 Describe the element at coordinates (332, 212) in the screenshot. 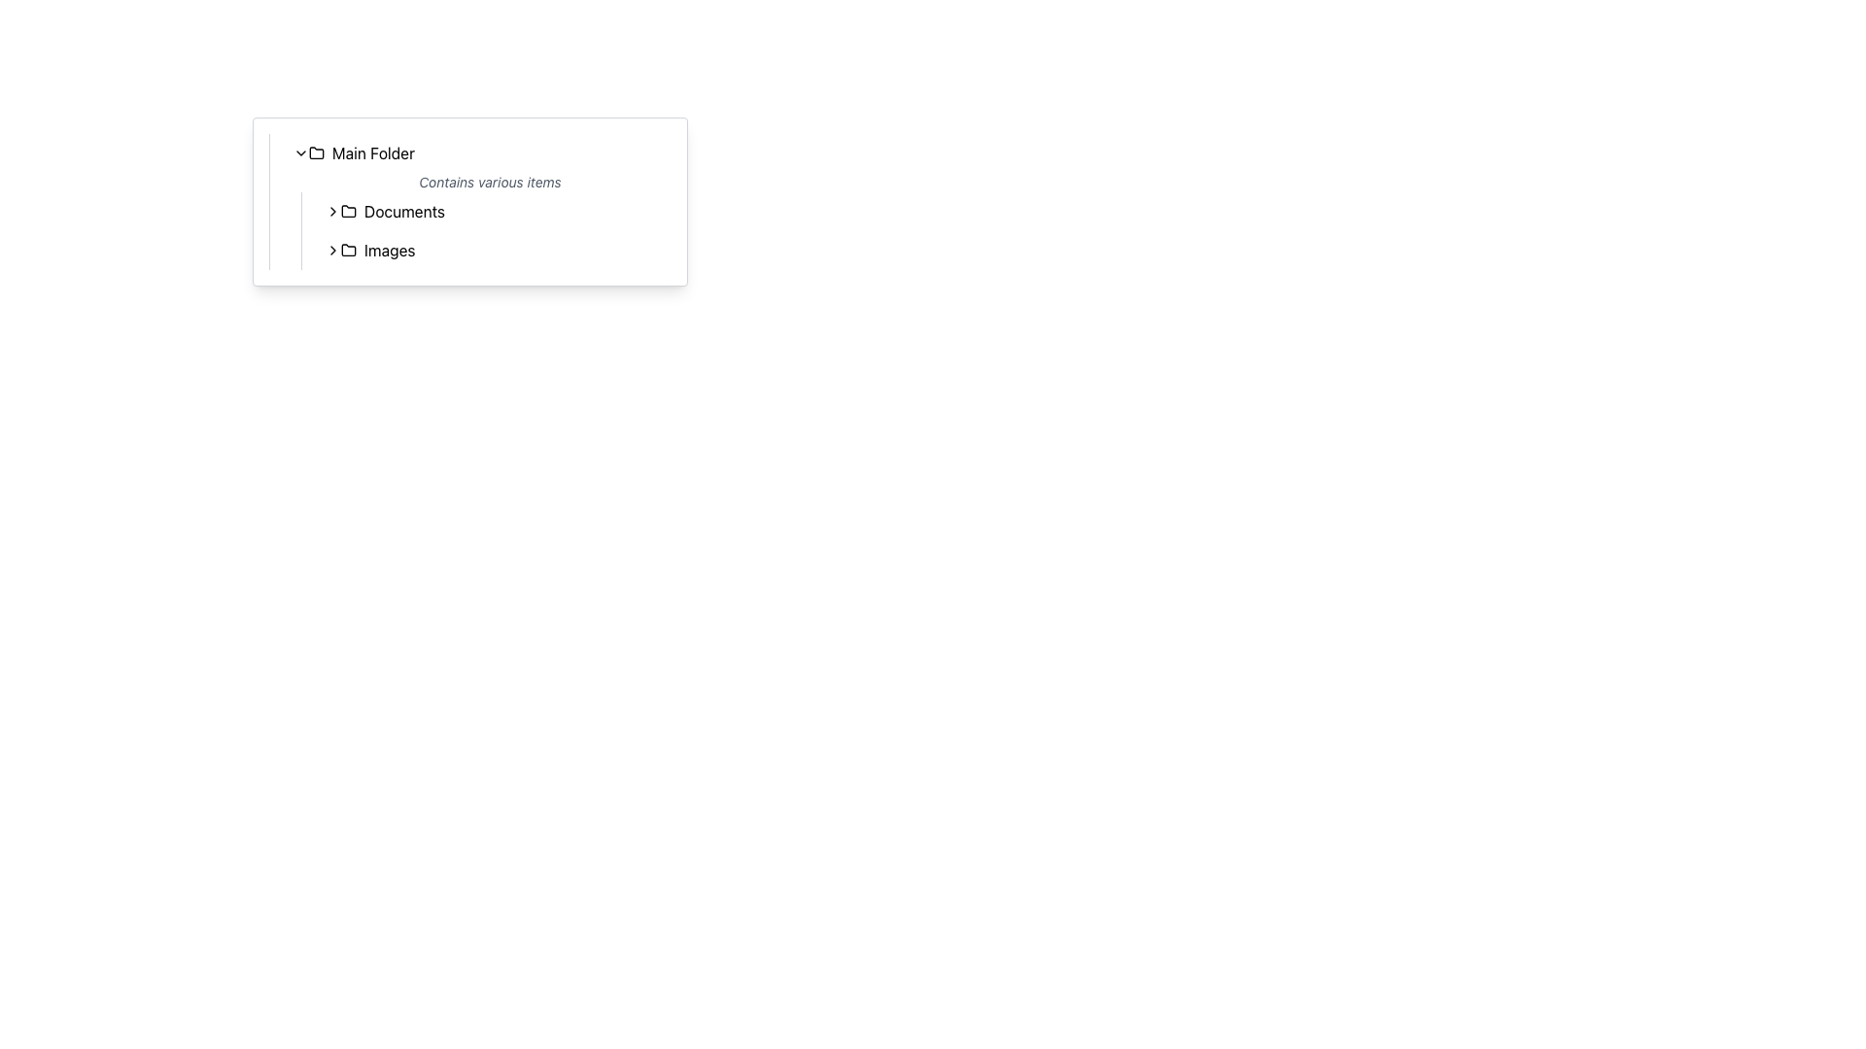

I see `the rightward-pointing chevron icon` at that location.